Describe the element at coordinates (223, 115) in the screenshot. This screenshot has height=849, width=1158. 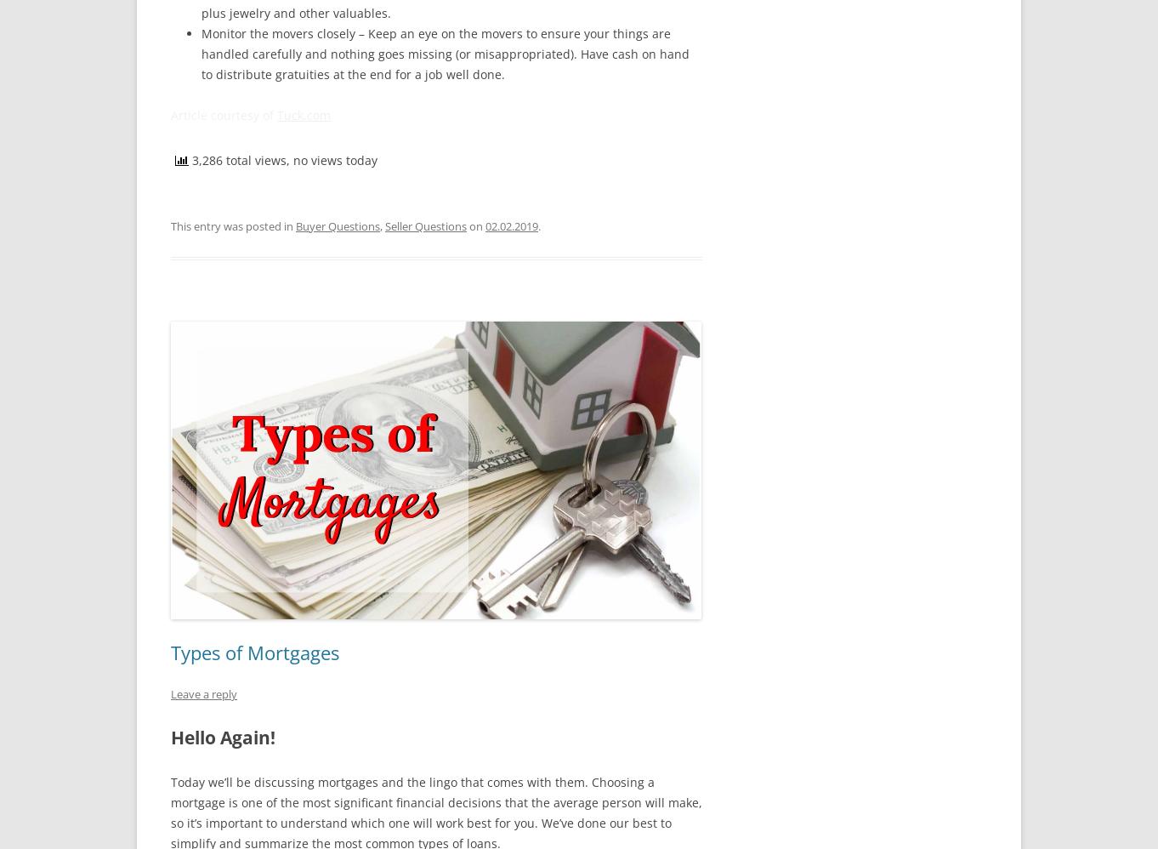
I see `'Article courtesy of'` at that location.